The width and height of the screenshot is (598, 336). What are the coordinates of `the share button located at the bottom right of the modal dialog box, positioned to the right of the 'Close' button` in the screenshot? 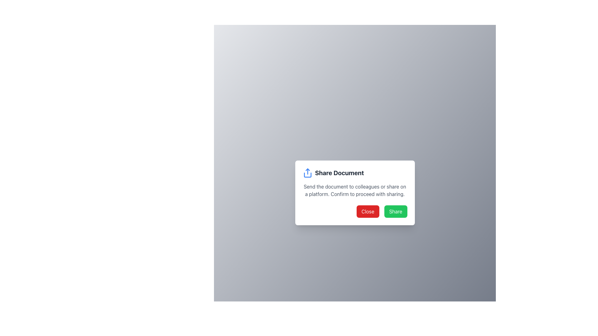 It's located at (395, 211).